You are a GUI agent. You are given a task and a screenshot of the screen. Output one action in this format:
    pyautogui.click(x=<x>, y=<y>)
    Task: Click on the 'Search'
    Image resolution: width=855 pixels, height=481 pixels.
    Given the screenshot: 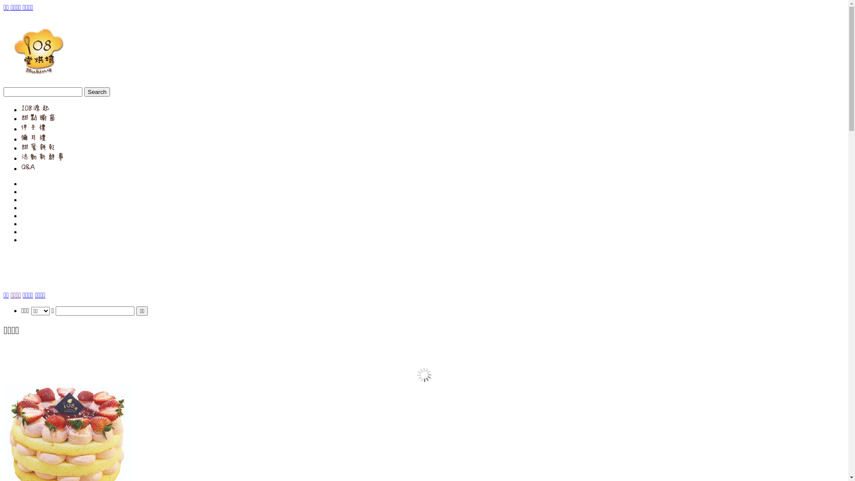 What is the action you would take?
    pyautogui.click(x=84, y=92)
    